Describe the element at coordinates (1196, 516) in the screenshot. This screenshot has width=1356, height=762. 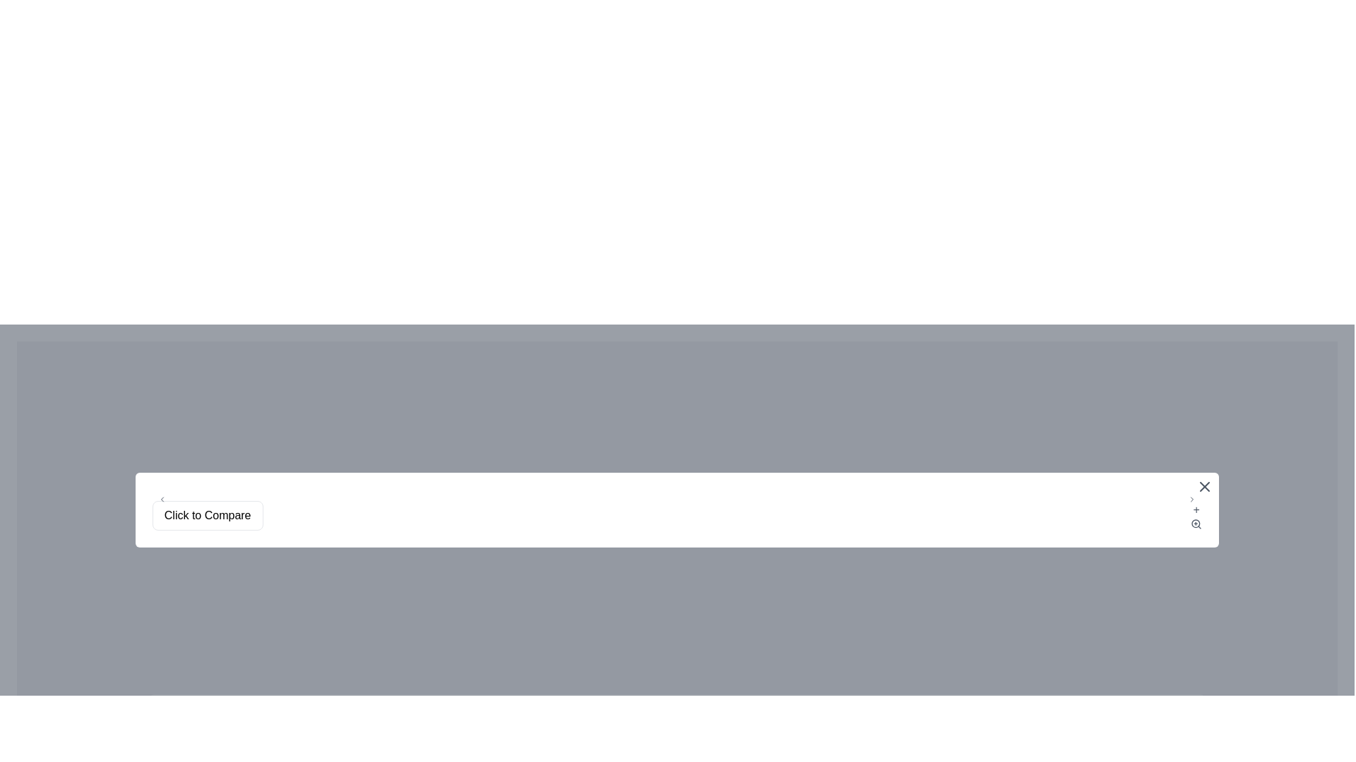
I see `the small gray 'plus' icon button located to the right of the 'Click to Compare' button` at that location.